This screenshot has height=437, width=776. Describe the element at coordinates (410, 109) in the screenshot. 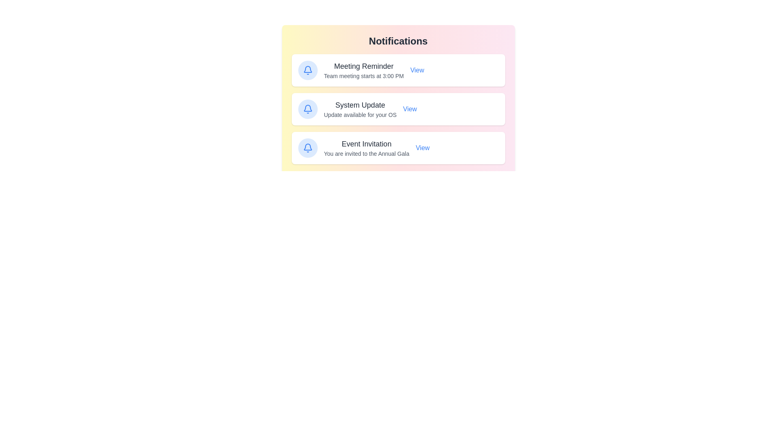

I see `the 'View' button for the notification titled 'System Update'` at that location.